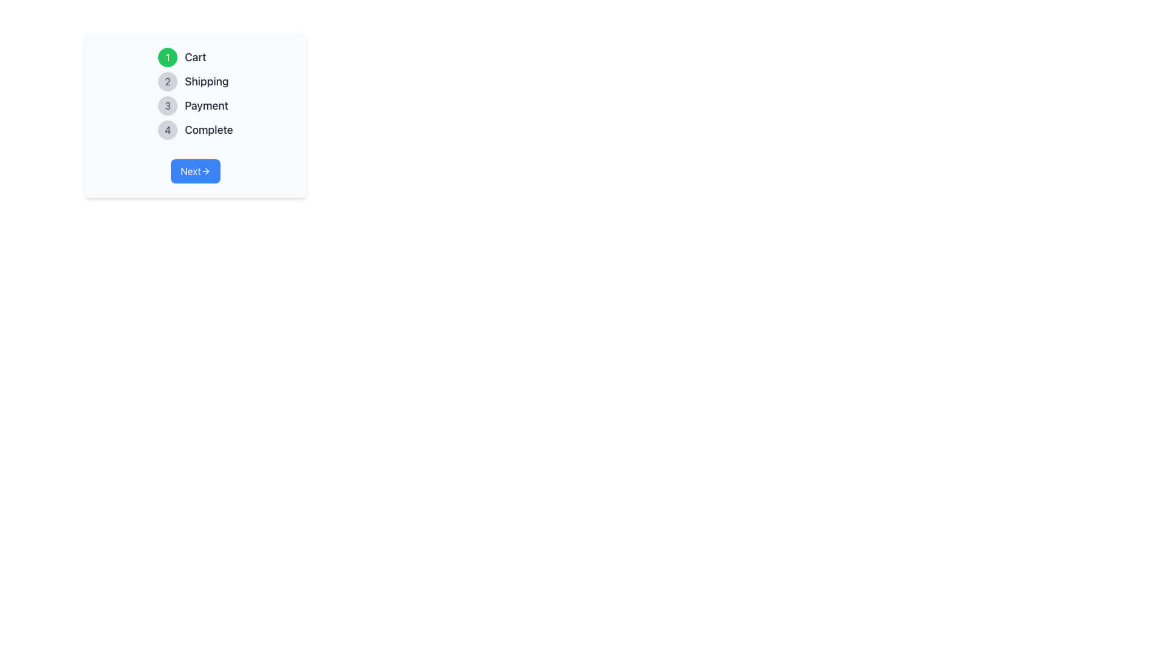  Describe the element at coordinates (167, 105) in the screenshot. I see `the Step Indicator Badge, which is a circular badge with a light gray background and a darker gray numeral '3' centered within, located in a vertical stepper component as the third item` at that location.